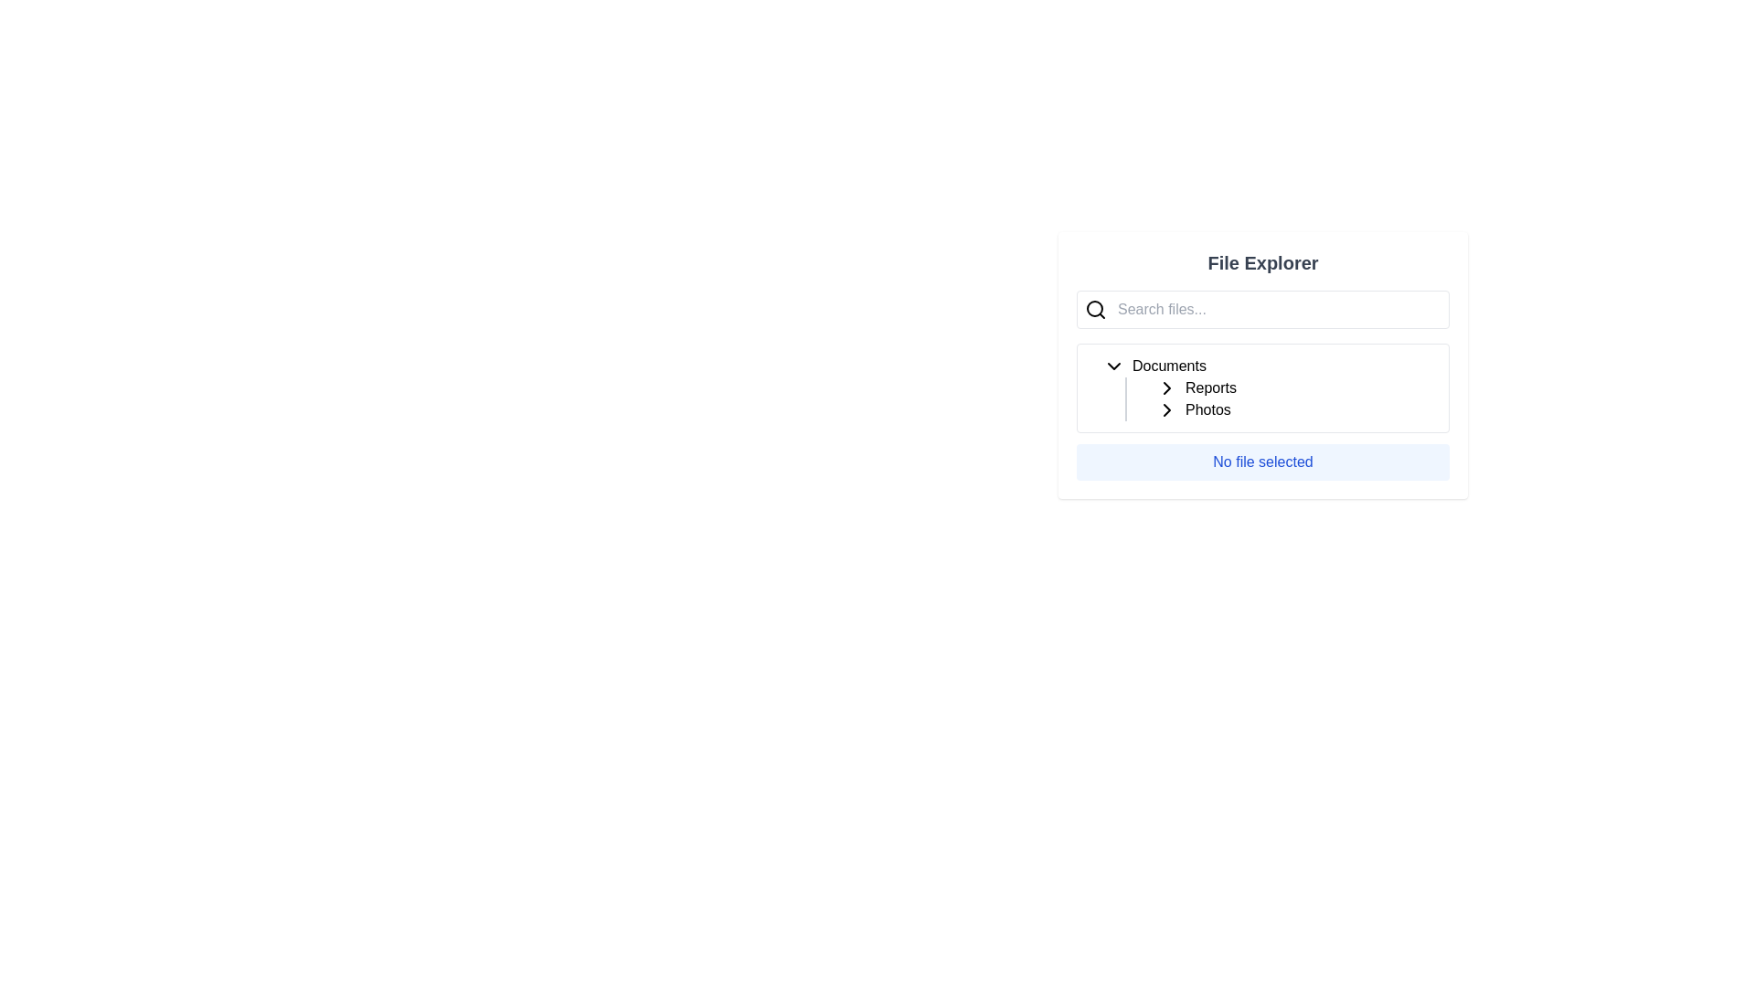 The height and width of the screenshot is (987, 1755). What do you see at coordinates (1262, 366) in the screenshot?
I see `the dropdown in the 'File Explorer' section to manage file navigation` at bounding box center [1262, 366].